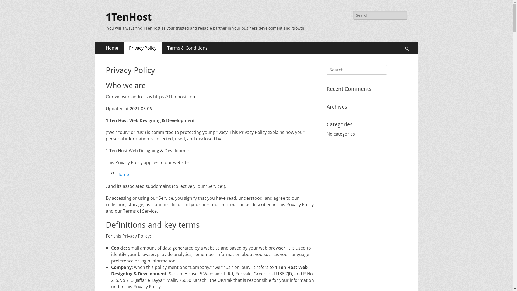  I want to click on 'Search', so click(409, 41).